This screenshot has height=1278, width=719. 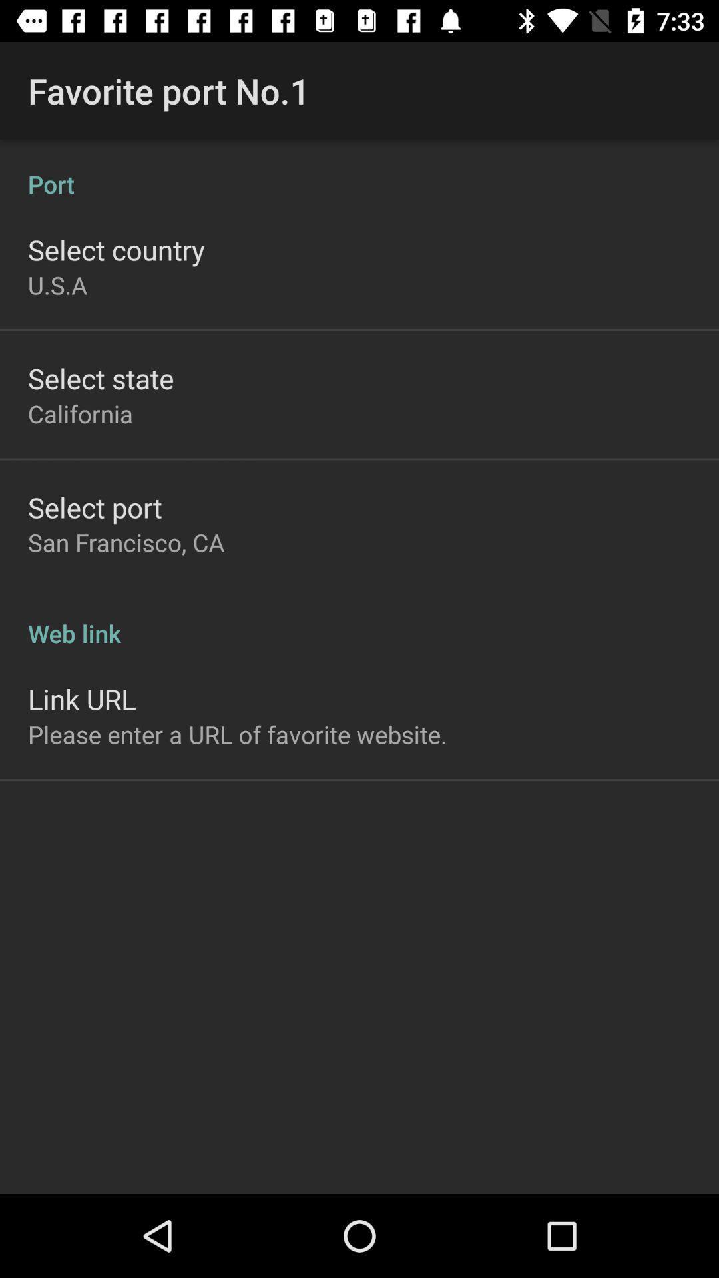 I want to click on the select state app, so click(x=100, y=377).